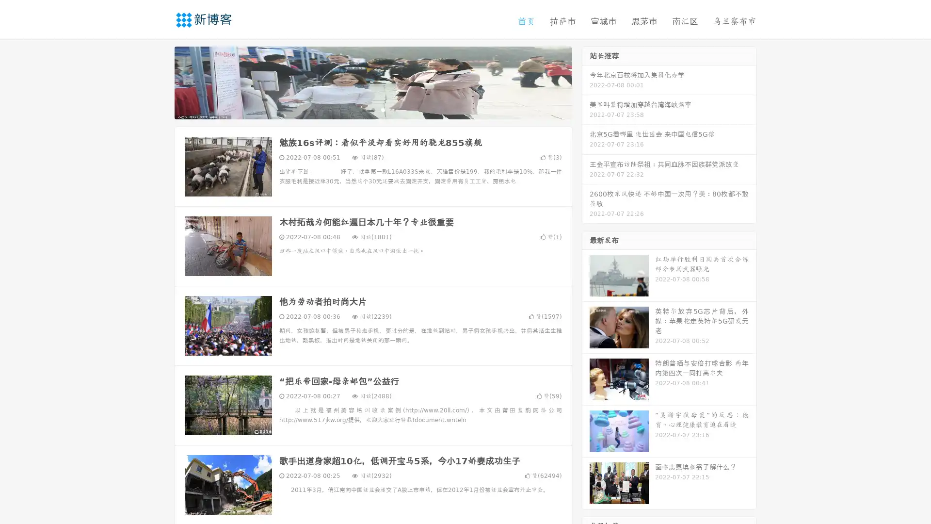 Image resolution: width=931 pixels, height=524 pixels. Describe the element at coordinates (383, 109) in the screenshot. I see `Go to slide 3` at that location.